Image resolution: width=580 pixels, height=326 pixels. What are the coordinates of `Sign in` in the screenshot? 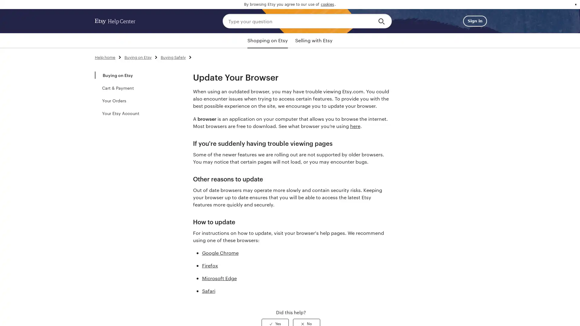 It's located at (475, 21).